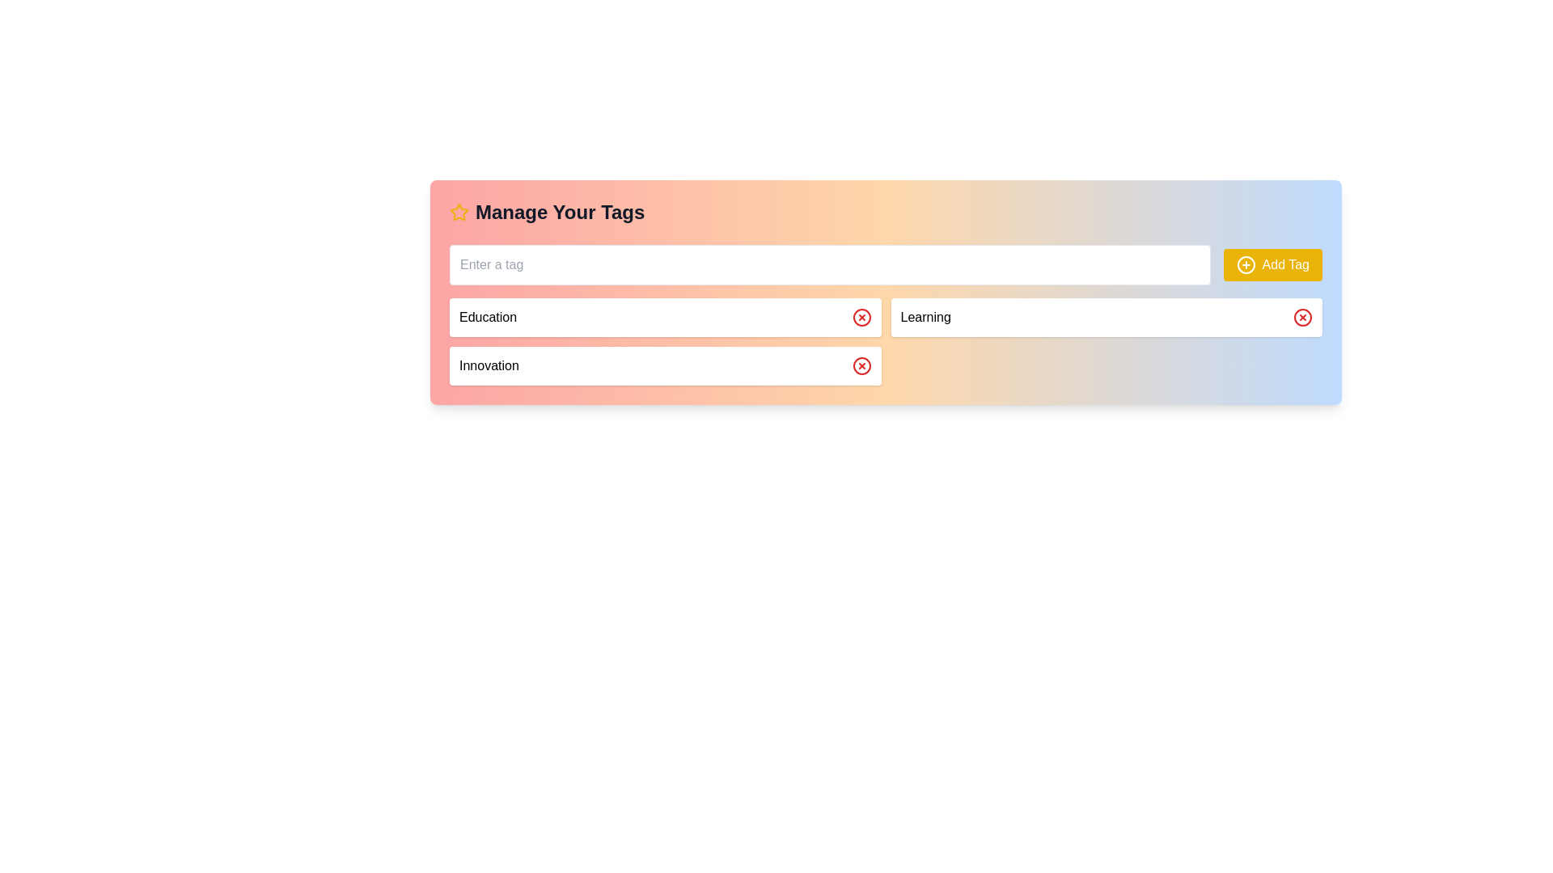  Describe the element at coordinates (1272, 264) in the screenshot. I see `the rectangular 'Add Tag' button with a vibrant yellow background and white text label, located to the right of the text input field in the tag management form` at that location.